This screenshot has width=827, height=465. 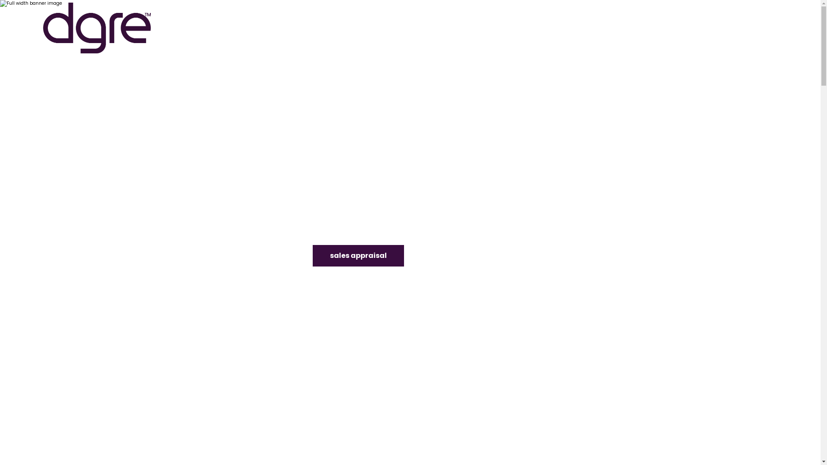 I want to click on 'sales appraisal', so click(x=358, y=255).